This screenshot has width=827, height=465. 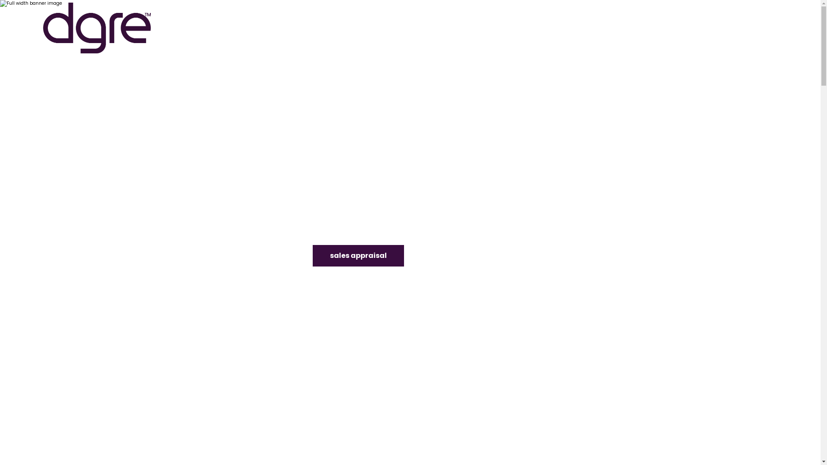 I want to click on 'sales appraisal', so click(x=358, y=255).